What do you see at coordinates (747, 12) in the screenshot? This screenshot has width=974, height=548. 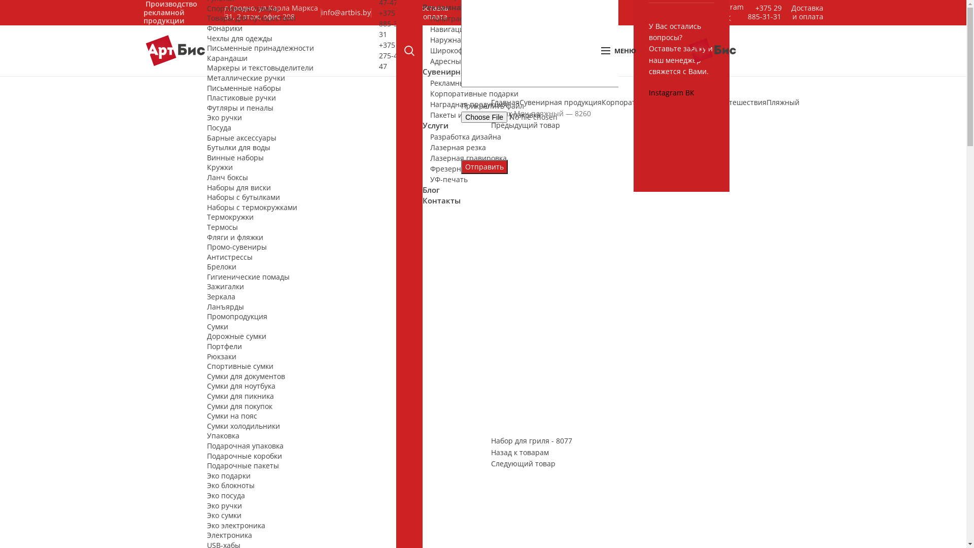 I see `'    +375 29 885-31-31'` at bounding box center [747, 12].